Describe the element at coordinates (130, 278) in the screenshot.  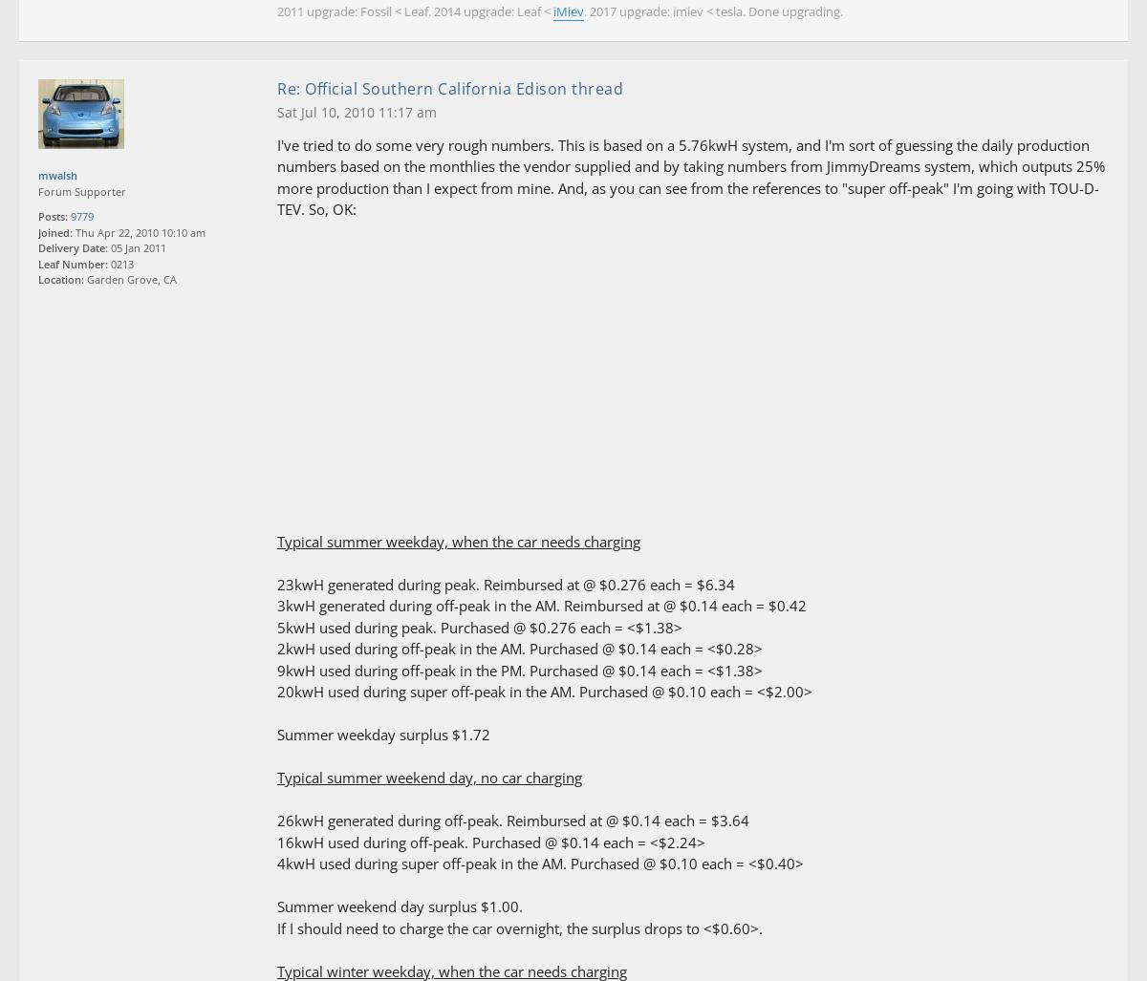
I see `'Garden Grove, CA'` at that location.